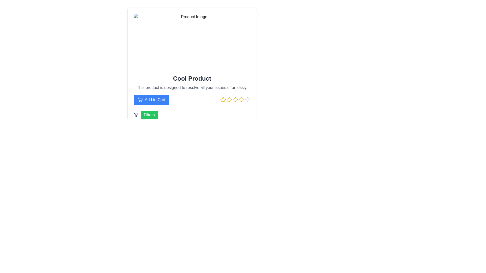 The width and height of the screenshot is (486, 273). I want to click on the first star icon in the rating system to update or select a rating, so click(223, 100).